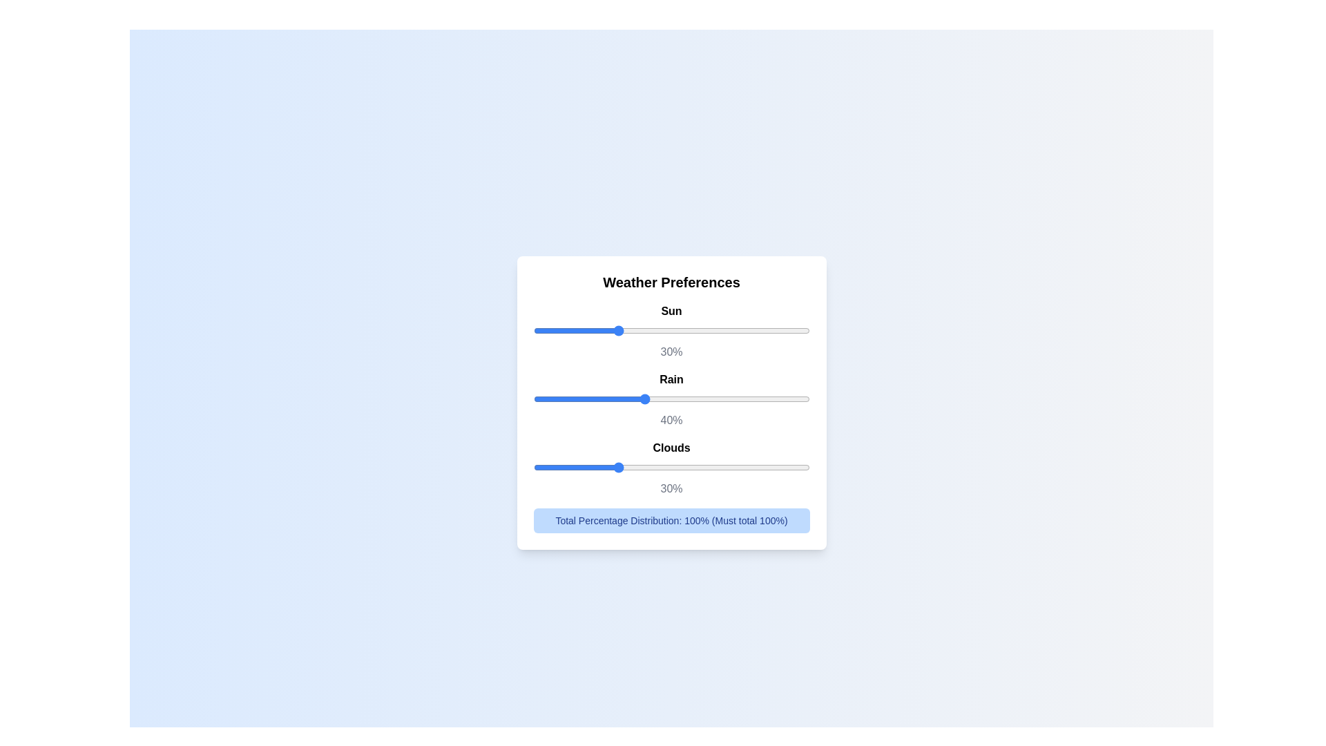 Image resolution: width=1326 pixels, height=746 pixels. I want to click on the slider for 1 to set the percentage to 43, so click(790, 399).